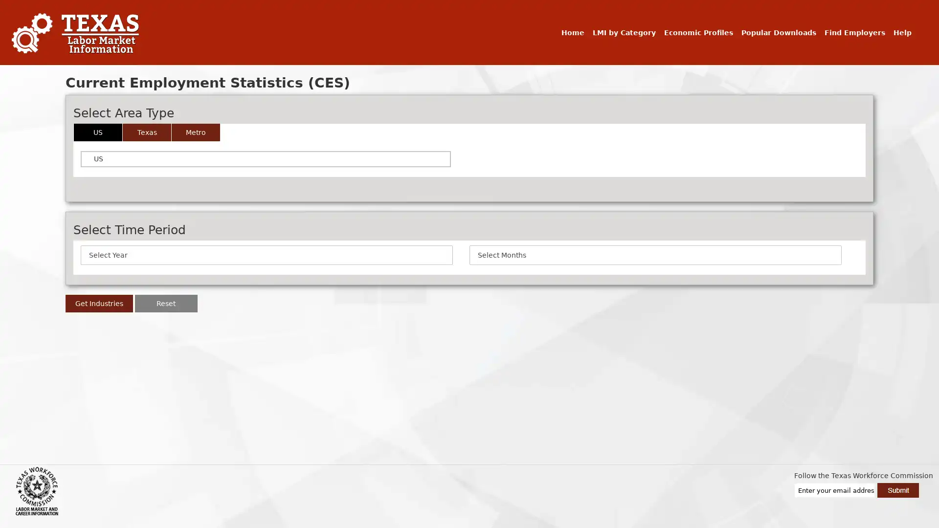  Describe the element at coordinates (146, 132) in the screenshot. I see `Texas` at that location.